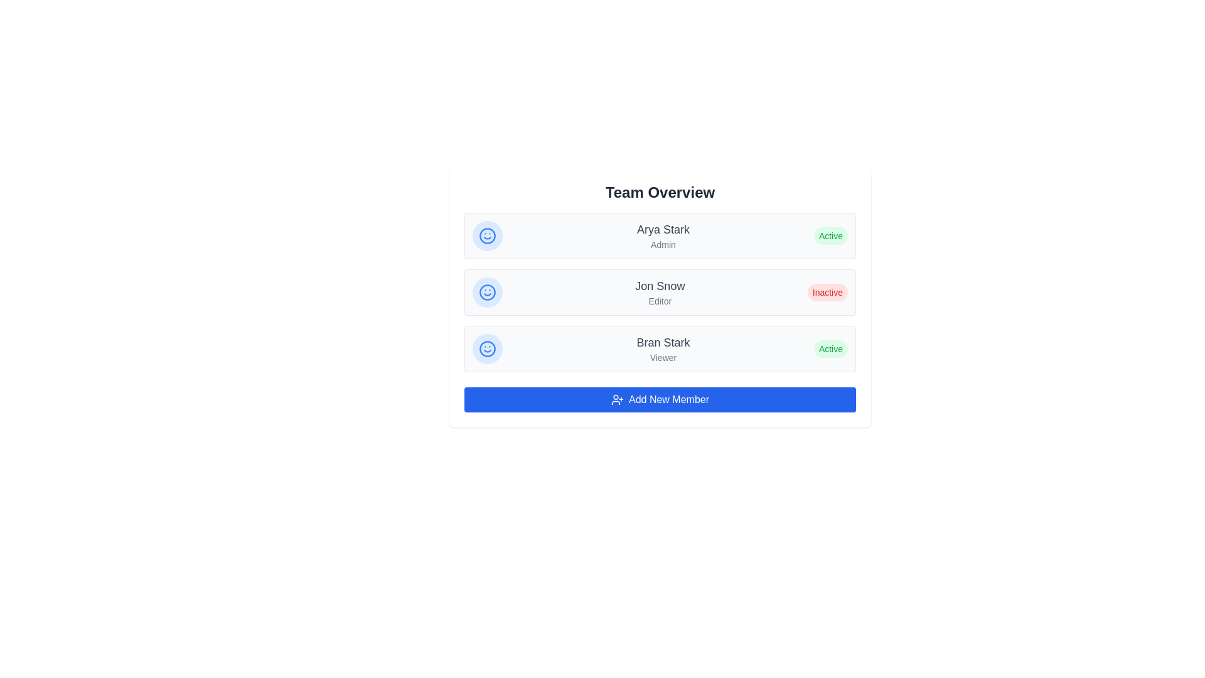  Describe the element at coordinates (659, 293) in the screenshot. I see `the user card representing the second user in the stack, which displays the user's name, role, and status` at that location.